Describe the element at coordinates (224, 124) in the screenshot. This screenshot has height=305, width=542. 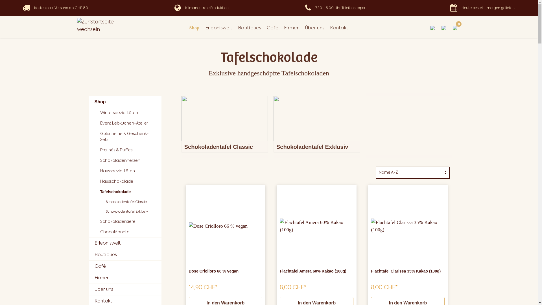
I see `'Schokoladentafel Classic'` at that location.